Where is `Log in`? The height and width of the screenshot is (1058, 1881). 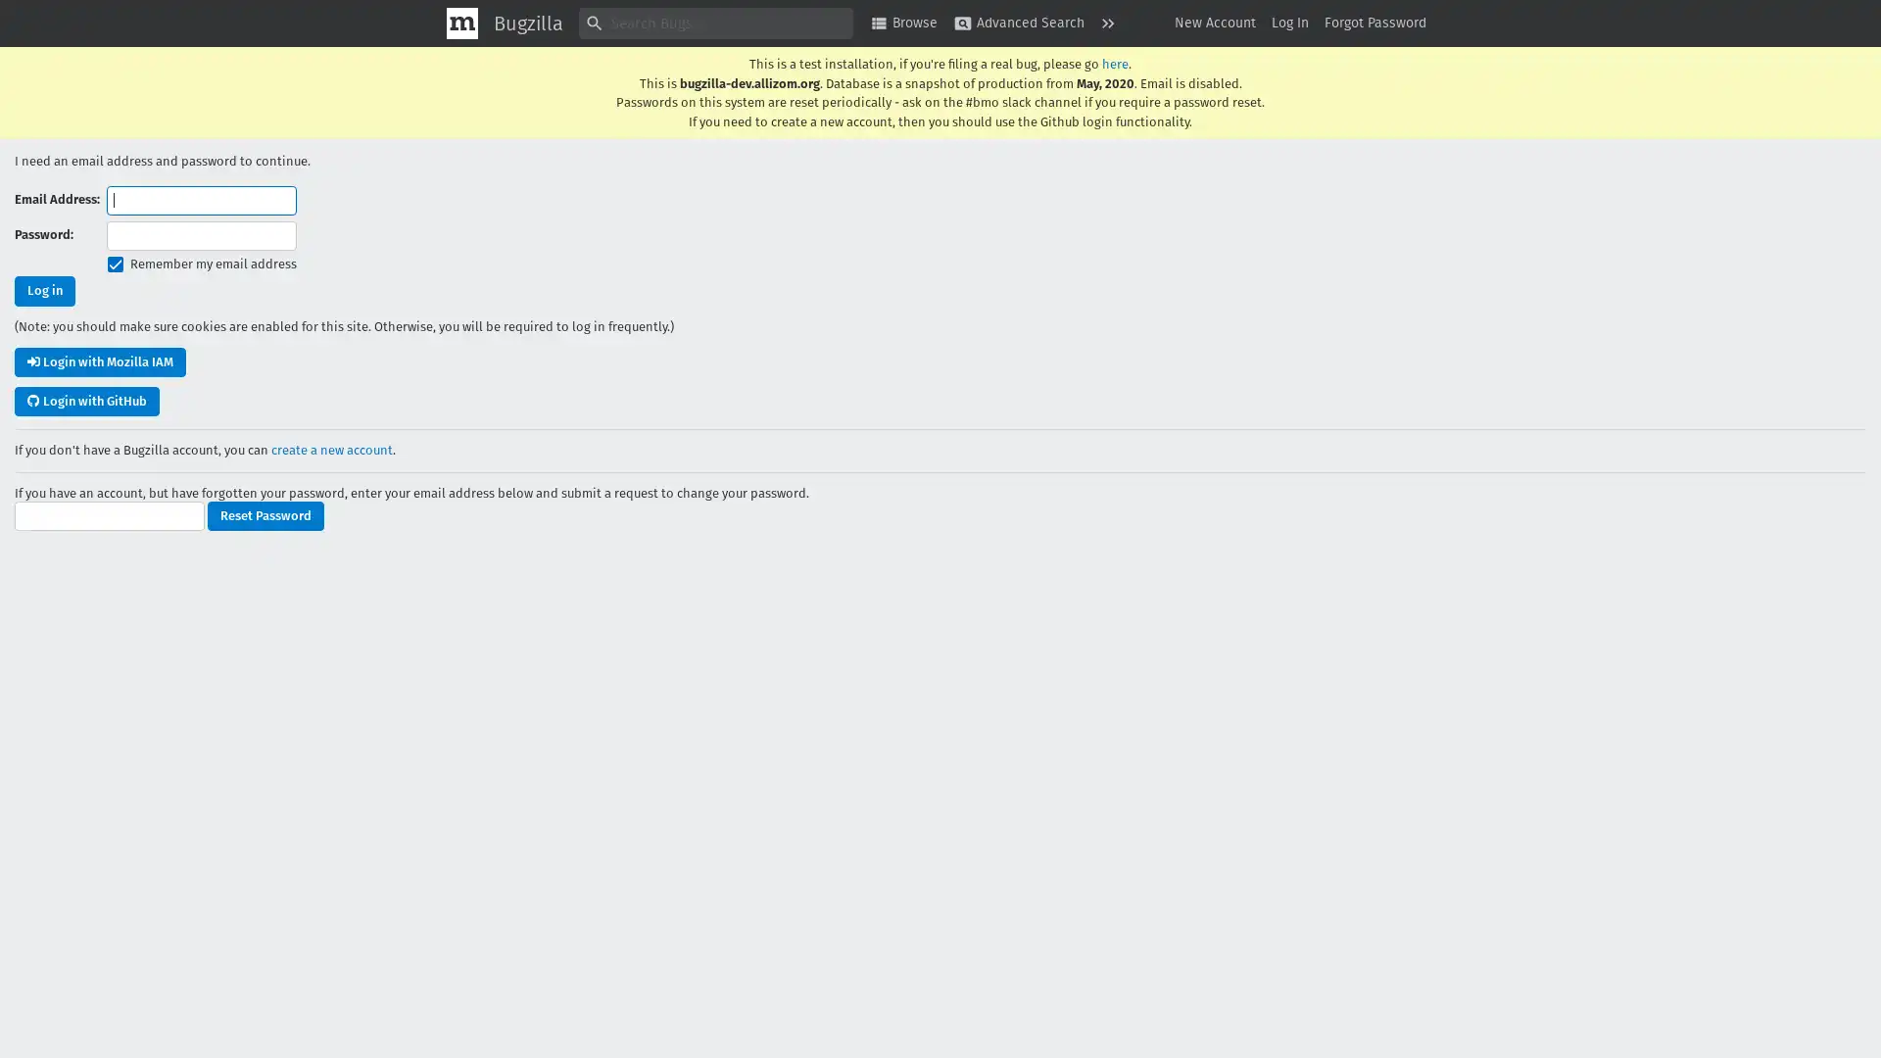 Log in is located at coordinates (45, 291).